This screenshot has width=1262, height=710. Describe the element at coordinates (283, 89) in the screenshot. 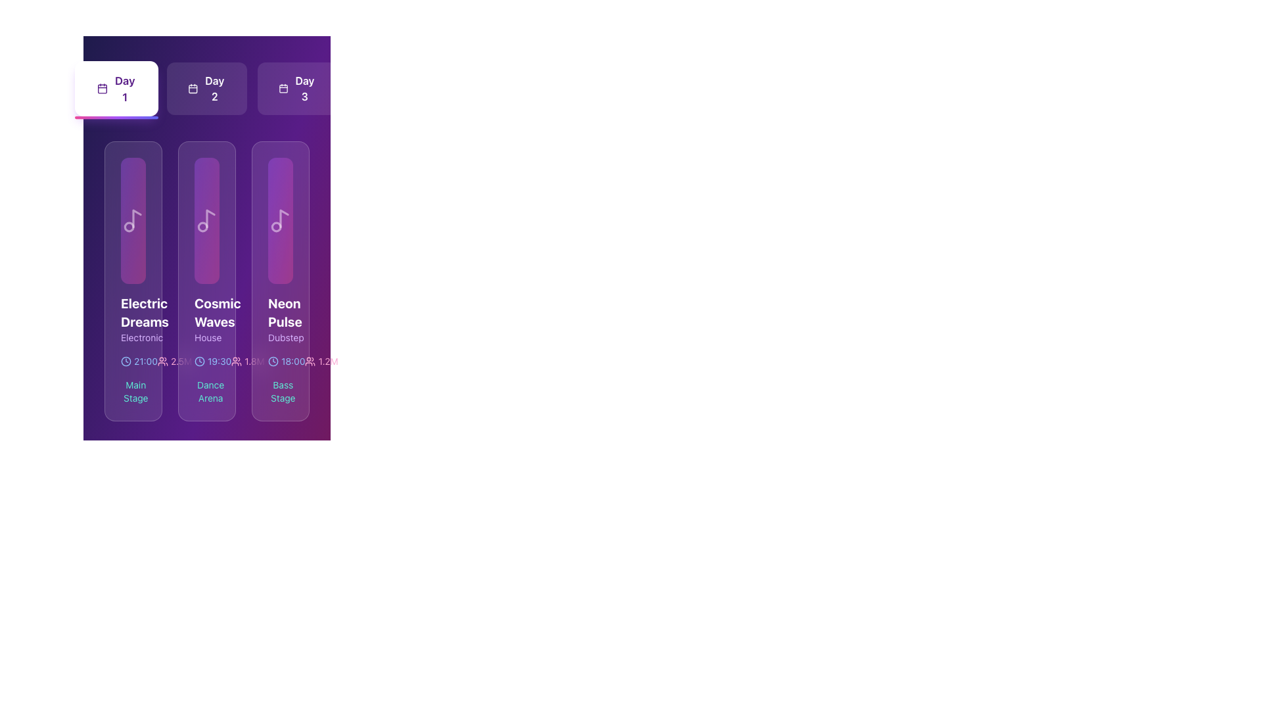

I see `the non-interactive rectangular SVG element that is part of the calendar icon associated with the 'Day 3' header in the interface` at that location.